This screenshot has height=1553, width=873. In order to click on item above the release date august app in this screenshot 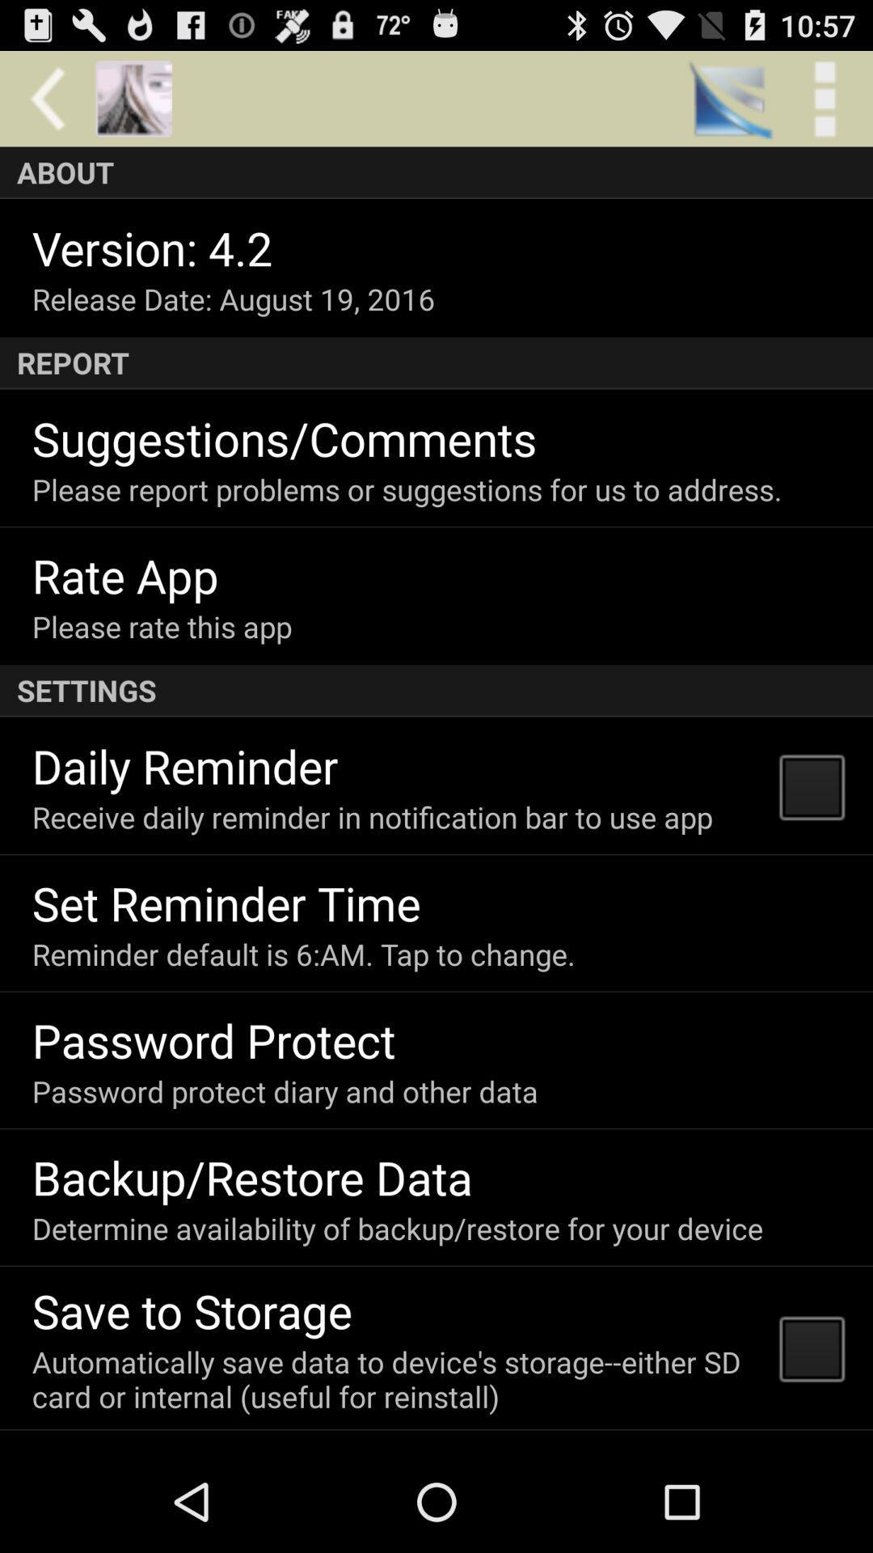, I will do `click(152, 247)`.